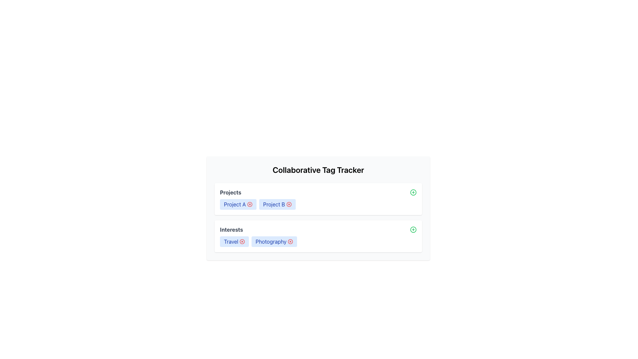  I want to click on the 'Photography' badge component located in the 'Interests' section, so click(274, 241).